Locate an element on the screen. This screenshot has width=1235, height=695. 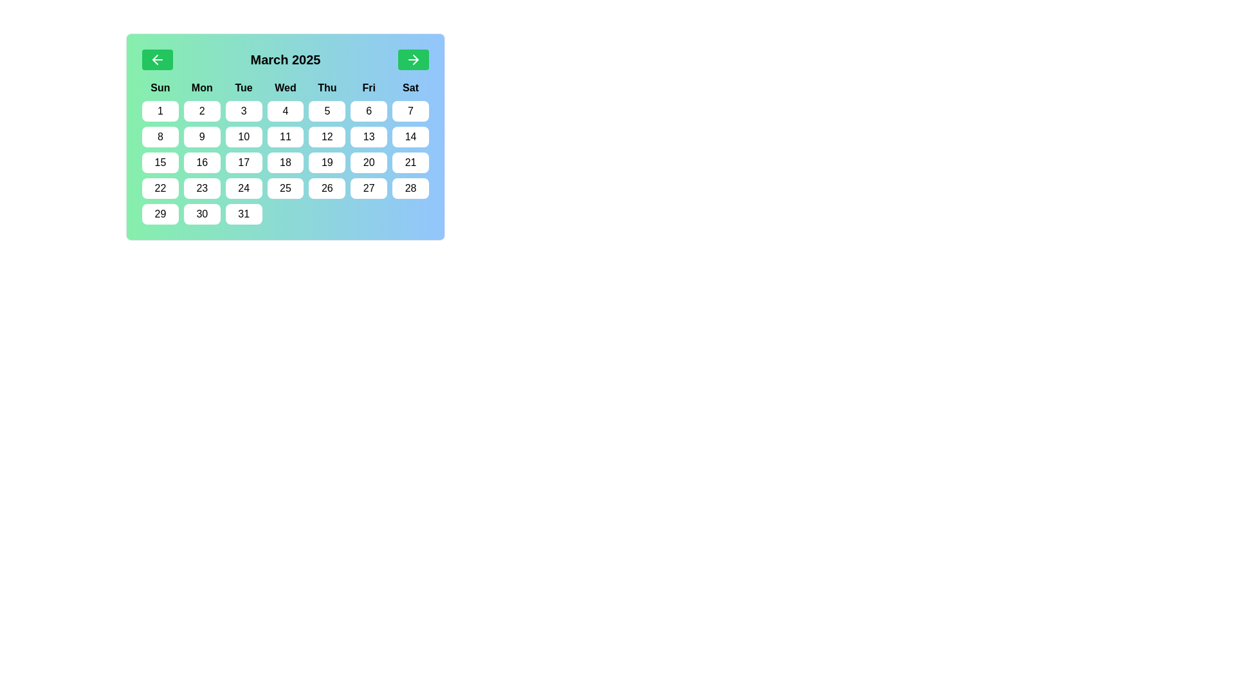
the rectangular button with a white background and the number '6' in black font, located in the date grid below the 'Fri' header is located at coordinates (368, 111).